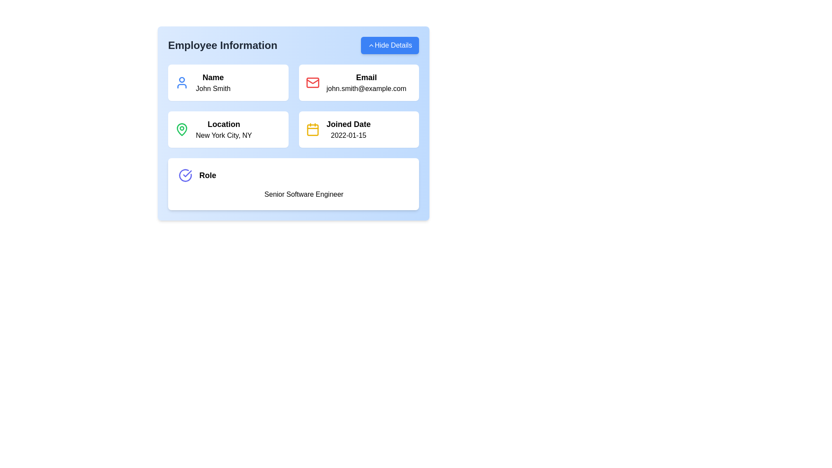 The image size is (832, 468). What do you see at coordinates (224, 135) in the screenshot?
I see `the 'Location' label in the second row of the employee information card, which is styled to stand out with a different font weight` at bounding box center [224, 135].